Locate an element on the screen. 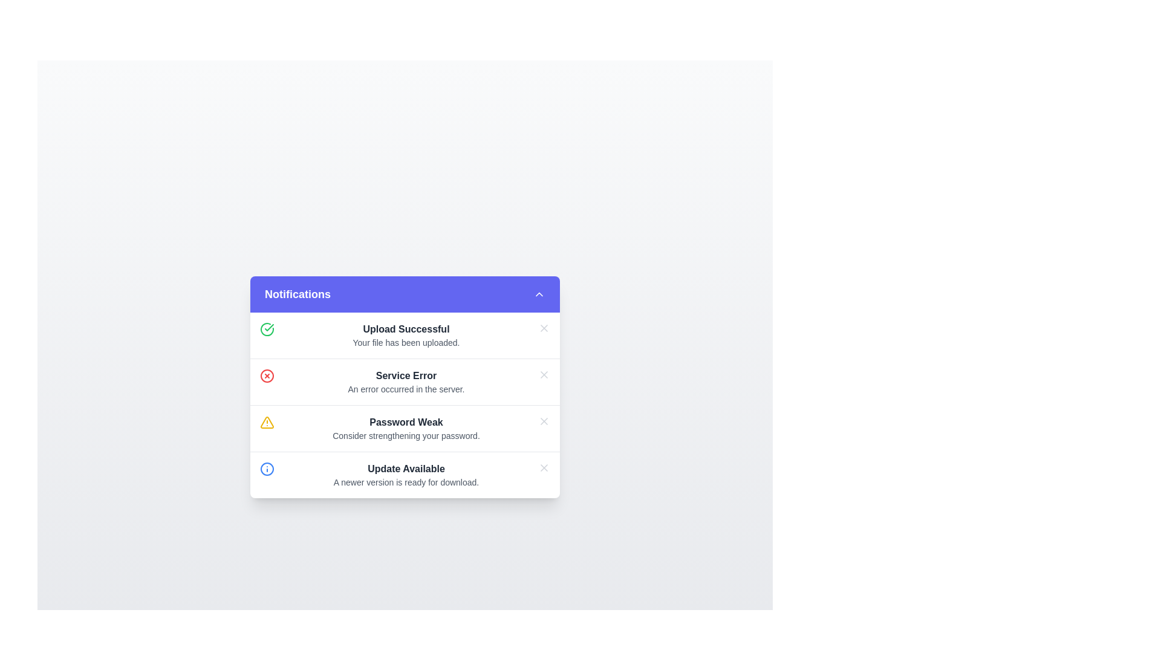 This screenshot has height=653, width=1161. the close button on the notification block indicating a newer version available, which is the fourth item in the vertically stacked list of notifications is located at coordinates (405, 474).